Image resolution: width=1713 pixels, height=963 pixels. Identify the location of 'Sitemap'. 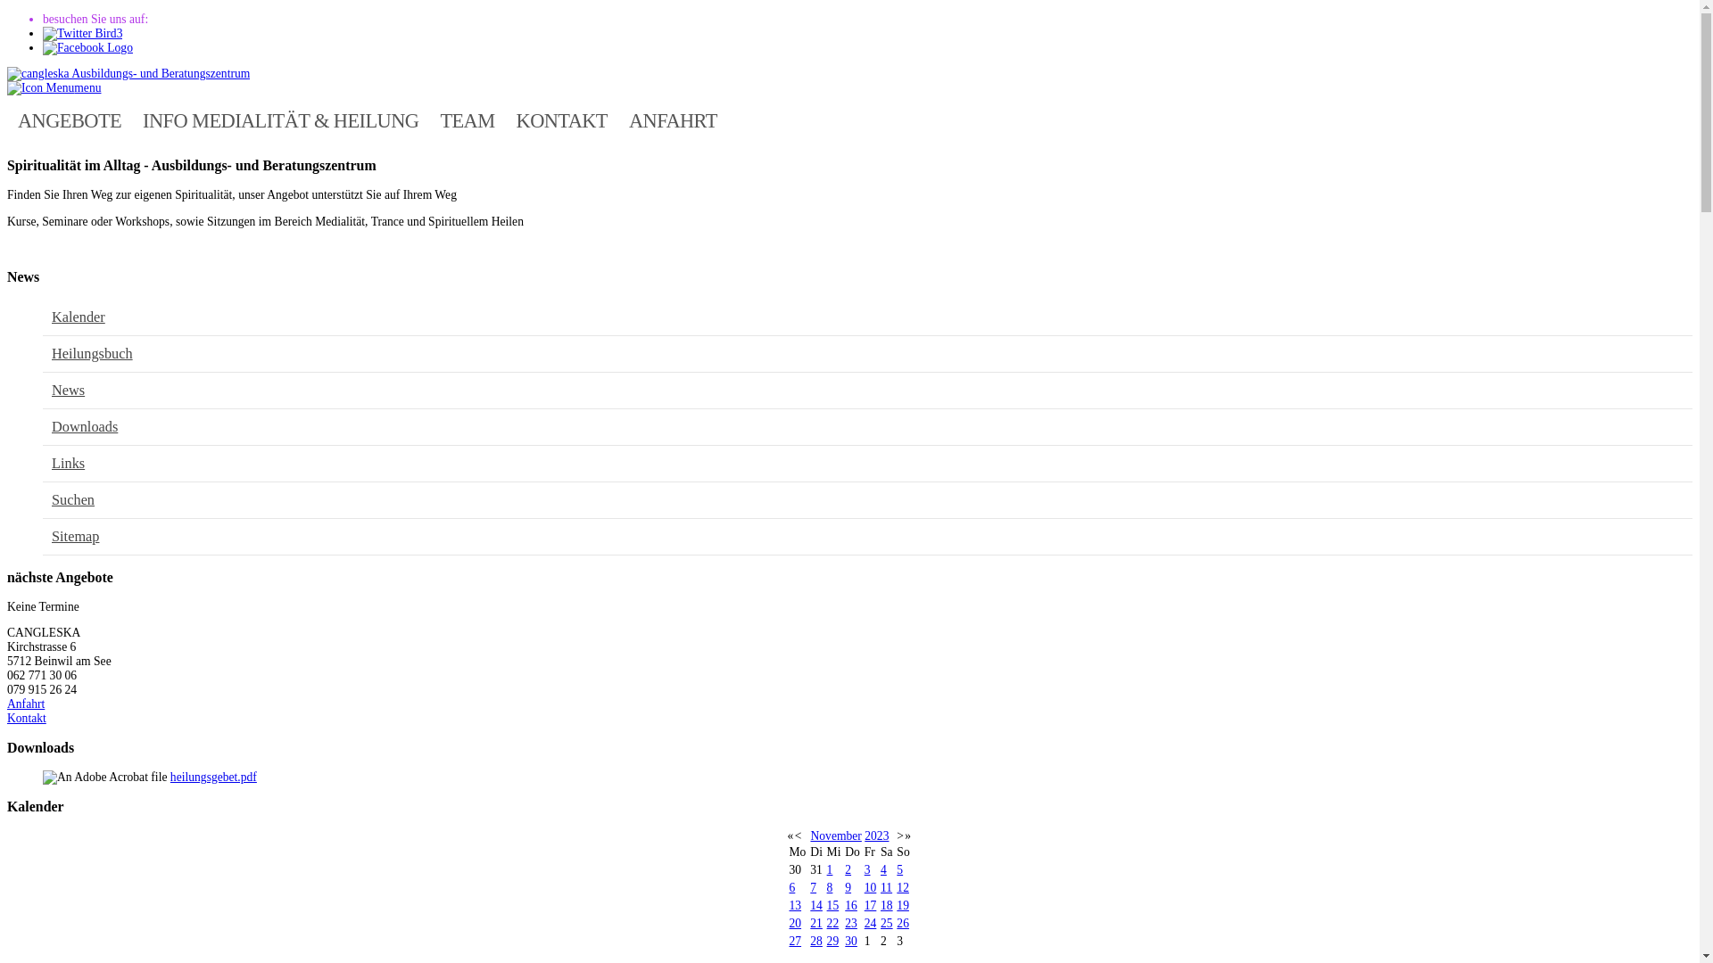
(74, 535).